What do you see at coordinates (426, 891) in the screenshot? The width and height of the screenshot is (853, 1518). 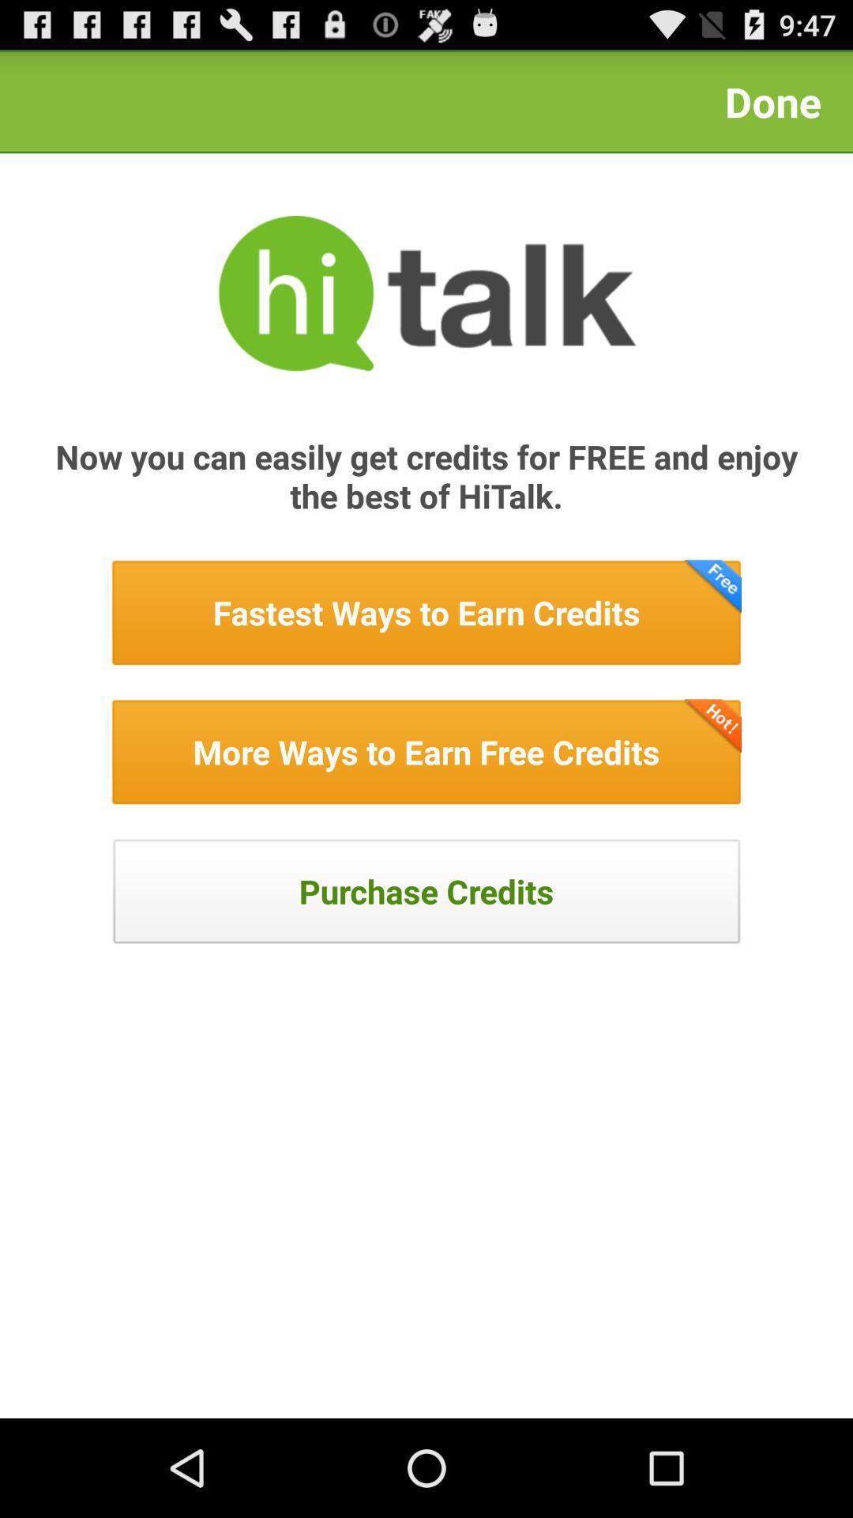 I see `buy credits` at bounding box center [426, 891].